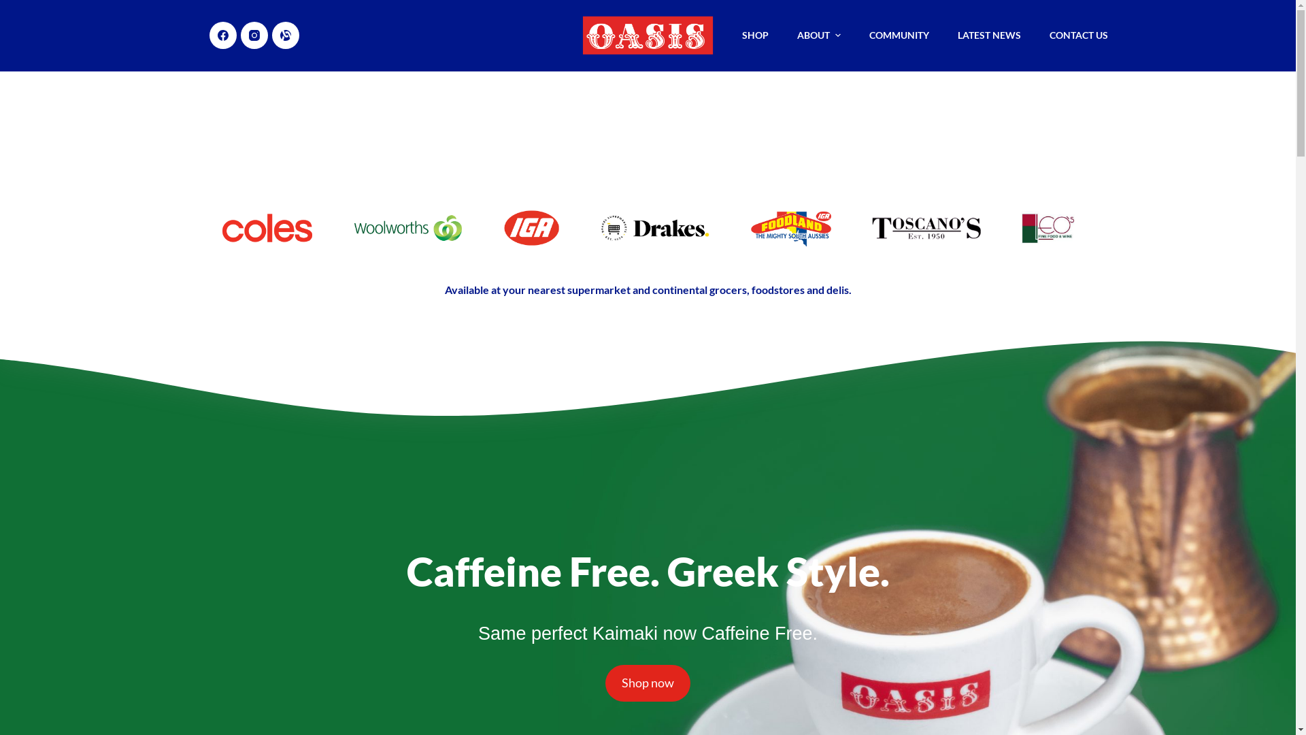 This screenshot has height=735, width=1306. What do you see at coordinates (899, 34) in the screenshot?
I see `'COMMUNITY'` at bounding box center [899, 34].